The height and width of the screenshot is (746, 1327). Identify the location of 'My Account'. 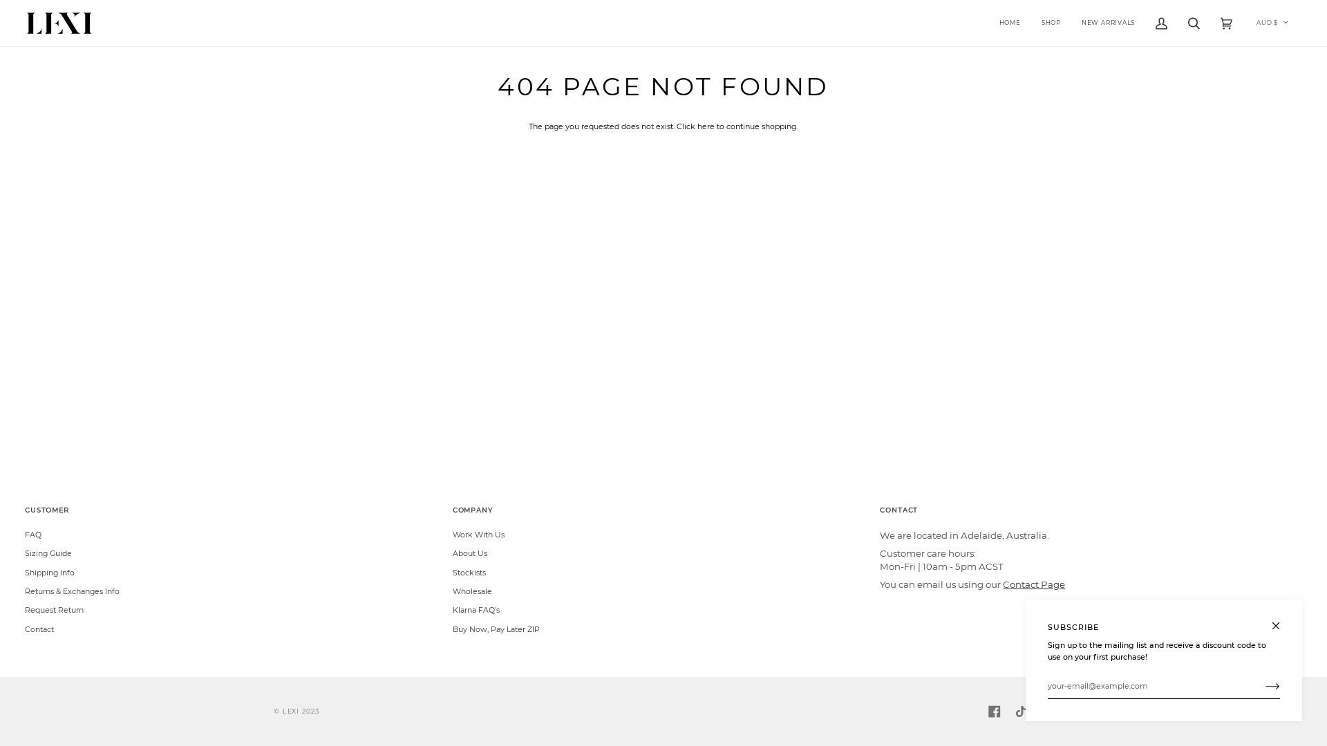
(1161, 23).